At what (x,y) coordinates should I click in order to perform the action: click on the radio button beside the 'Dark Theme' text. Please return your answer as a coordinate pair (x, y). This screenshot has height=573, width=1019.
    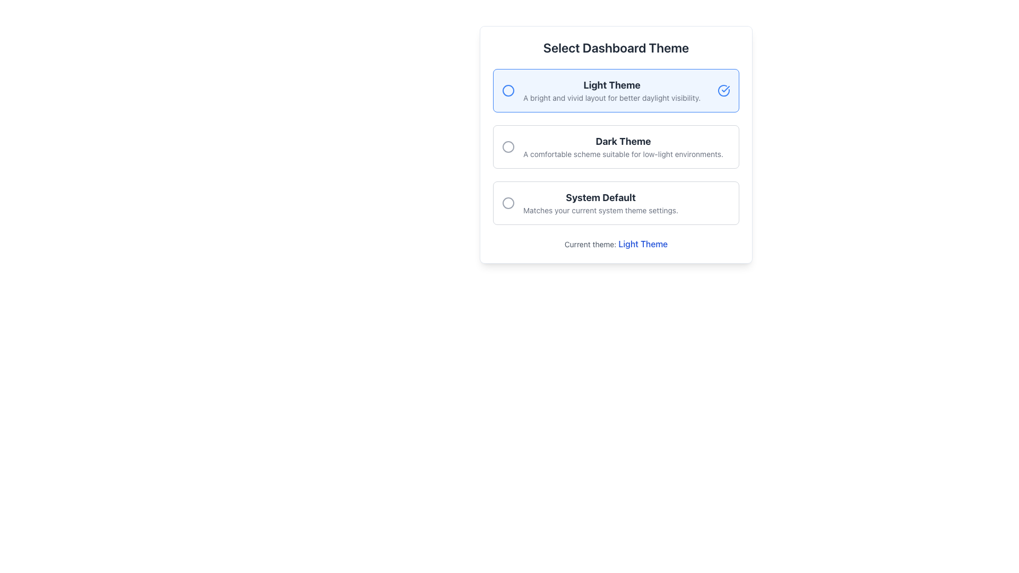
    Looking at the image, I should click on (623, 147).